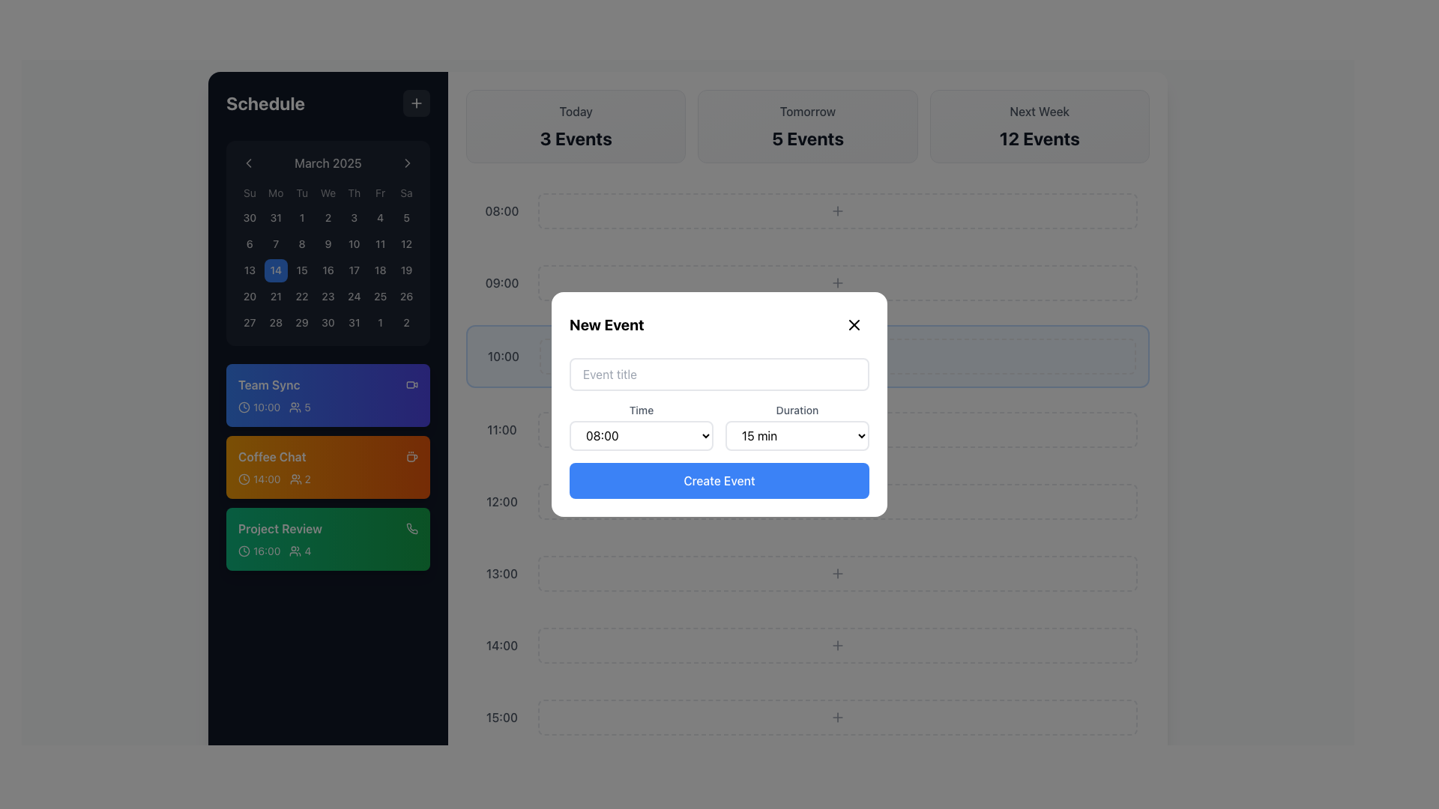 This screenshot has height=809, width=1439. What do you see at coordinates (502, 573) in the screenshot?
I see `the time indicator text label located within the scheduled events panel, positioned below the 12:00 slot and above the 14:00 slot` at bounding box center [502, 573].